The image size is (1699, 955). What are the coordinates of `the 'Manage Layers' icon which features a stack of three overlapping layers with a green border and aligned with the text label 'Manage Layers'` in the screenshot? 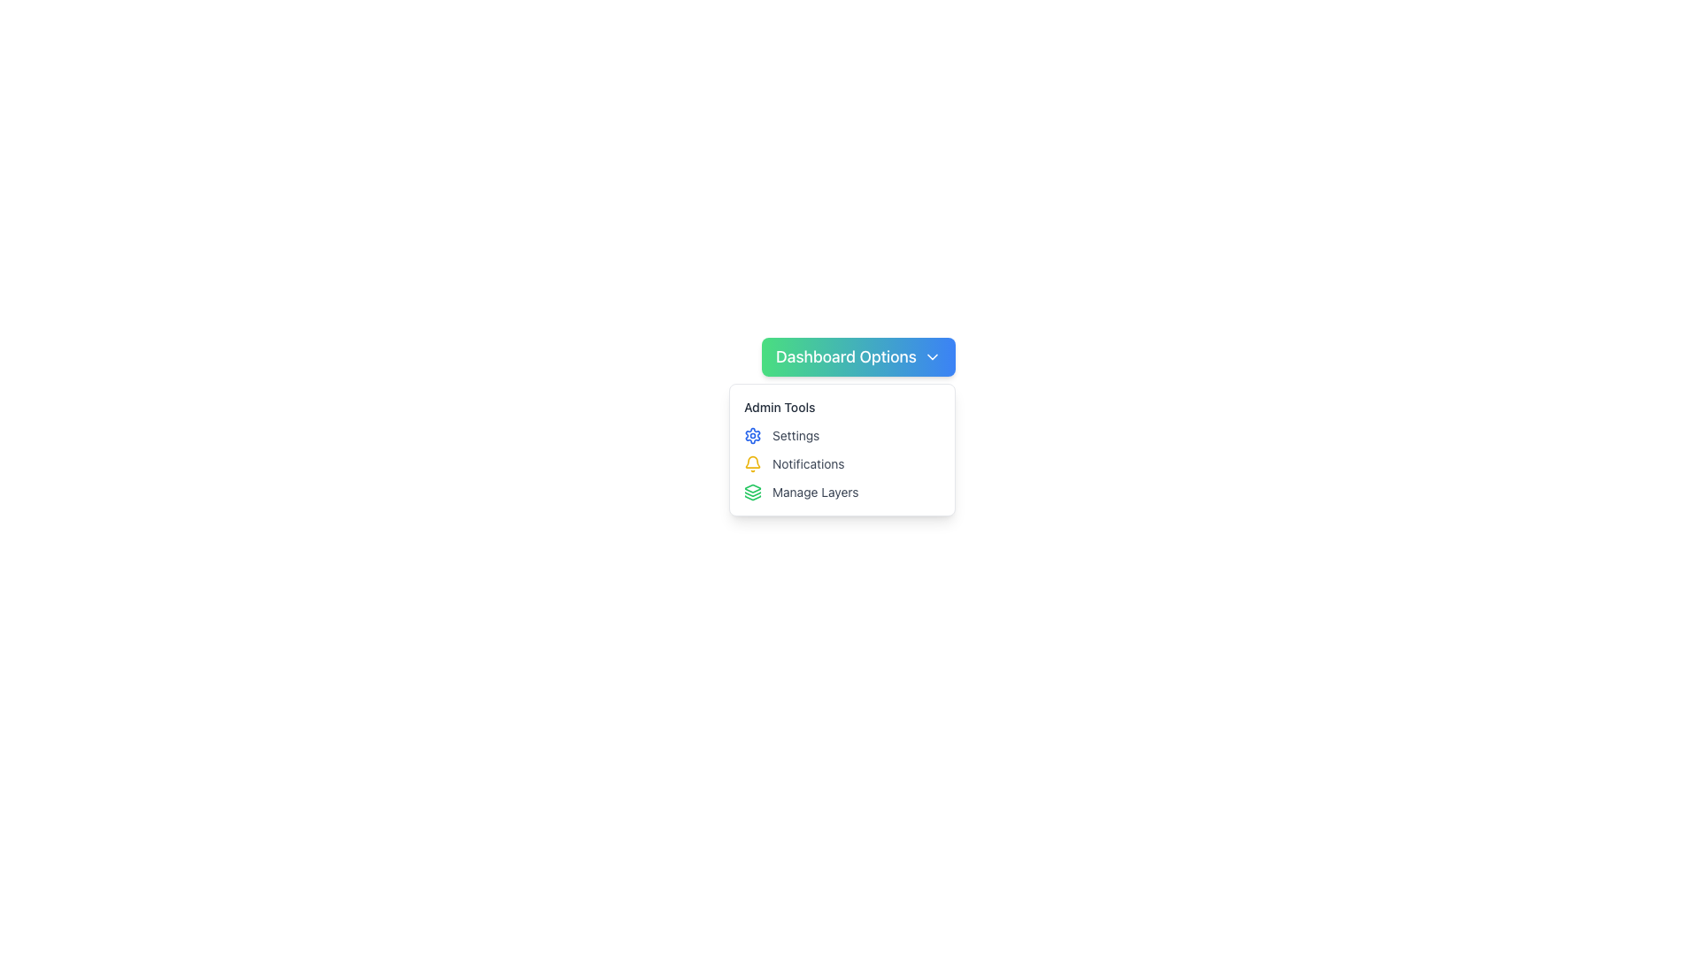 It's located at (752, 492).